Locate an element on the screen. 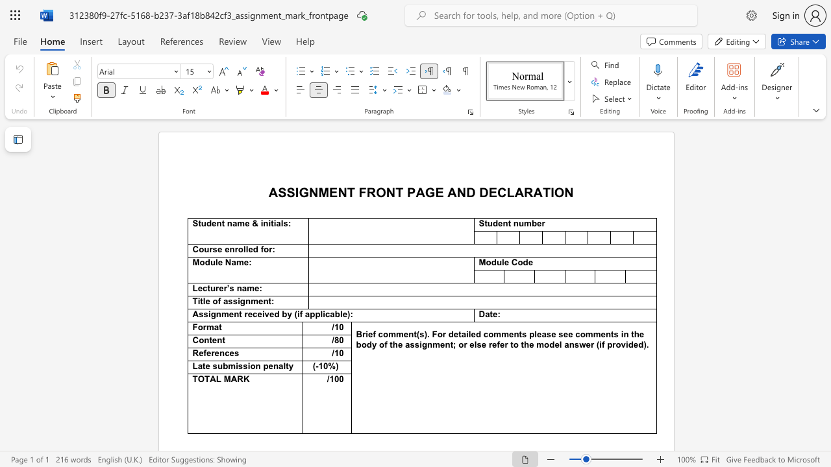  the subset text "itial" within the text "Student name & initials" is located at coordinates (267, 222).